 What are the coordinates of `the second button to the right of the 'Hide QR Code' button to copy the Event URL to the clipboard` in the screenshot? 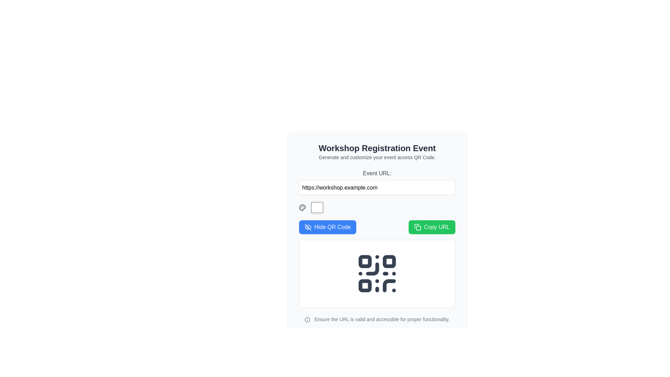 It's located at (432, 227).